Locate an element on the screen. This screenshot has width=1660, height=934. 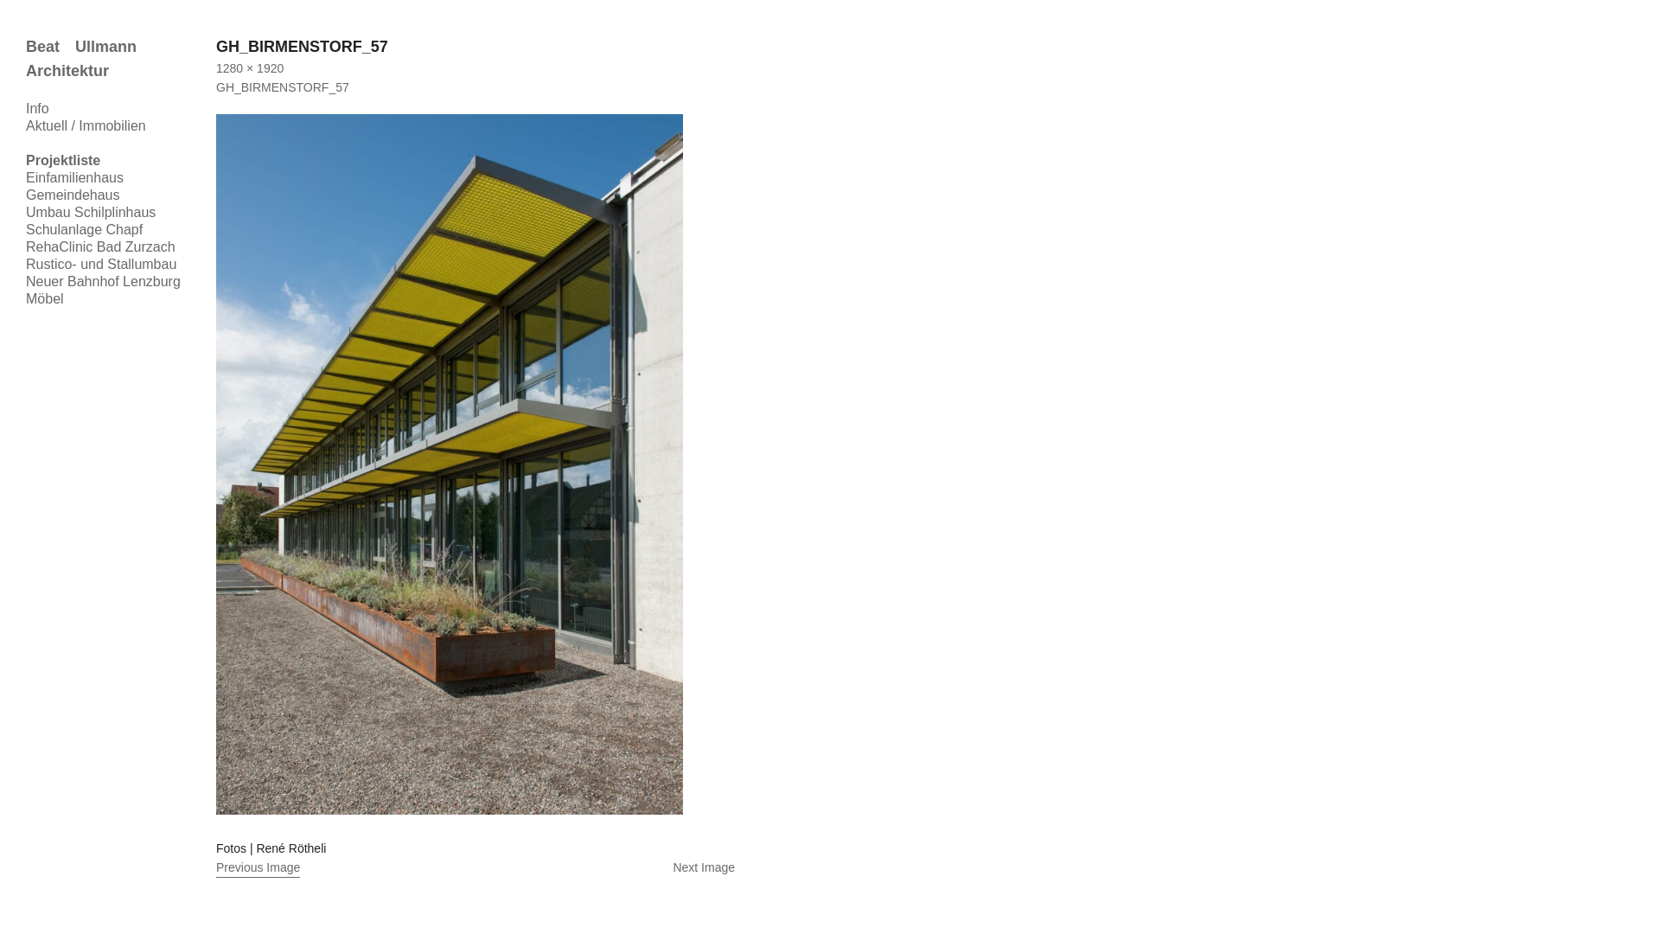
'Previous Image' is located at coordinates (257, 867).